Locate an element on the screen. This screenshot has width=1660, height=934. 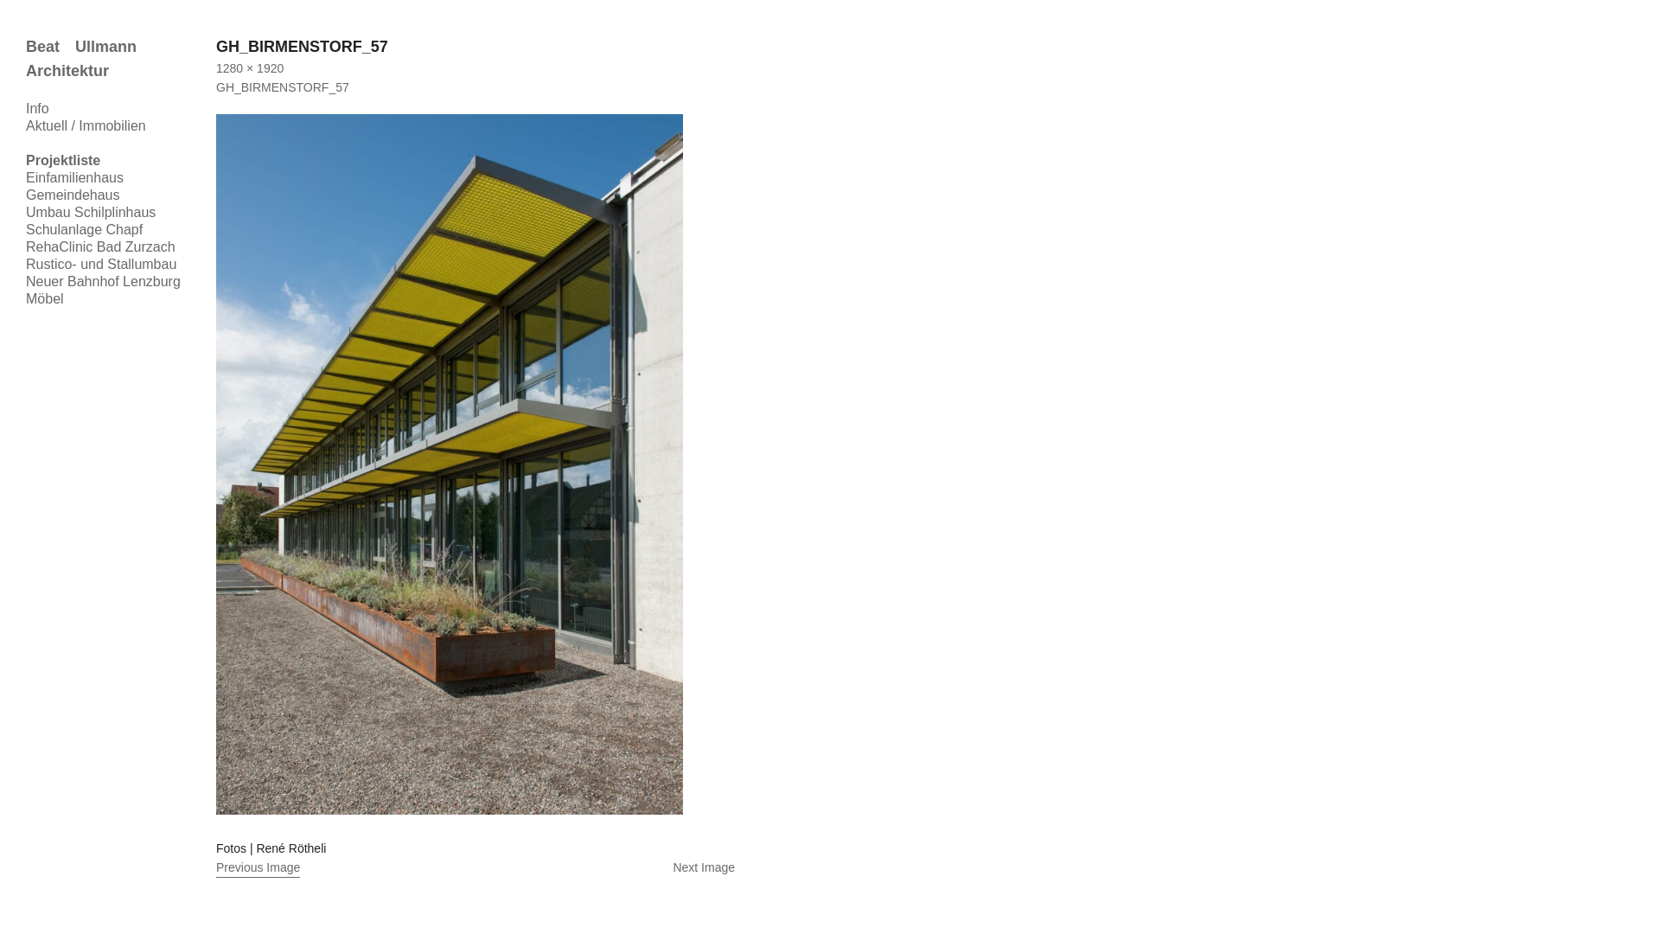
'Previous Image' is located at coordinates (257, 867).